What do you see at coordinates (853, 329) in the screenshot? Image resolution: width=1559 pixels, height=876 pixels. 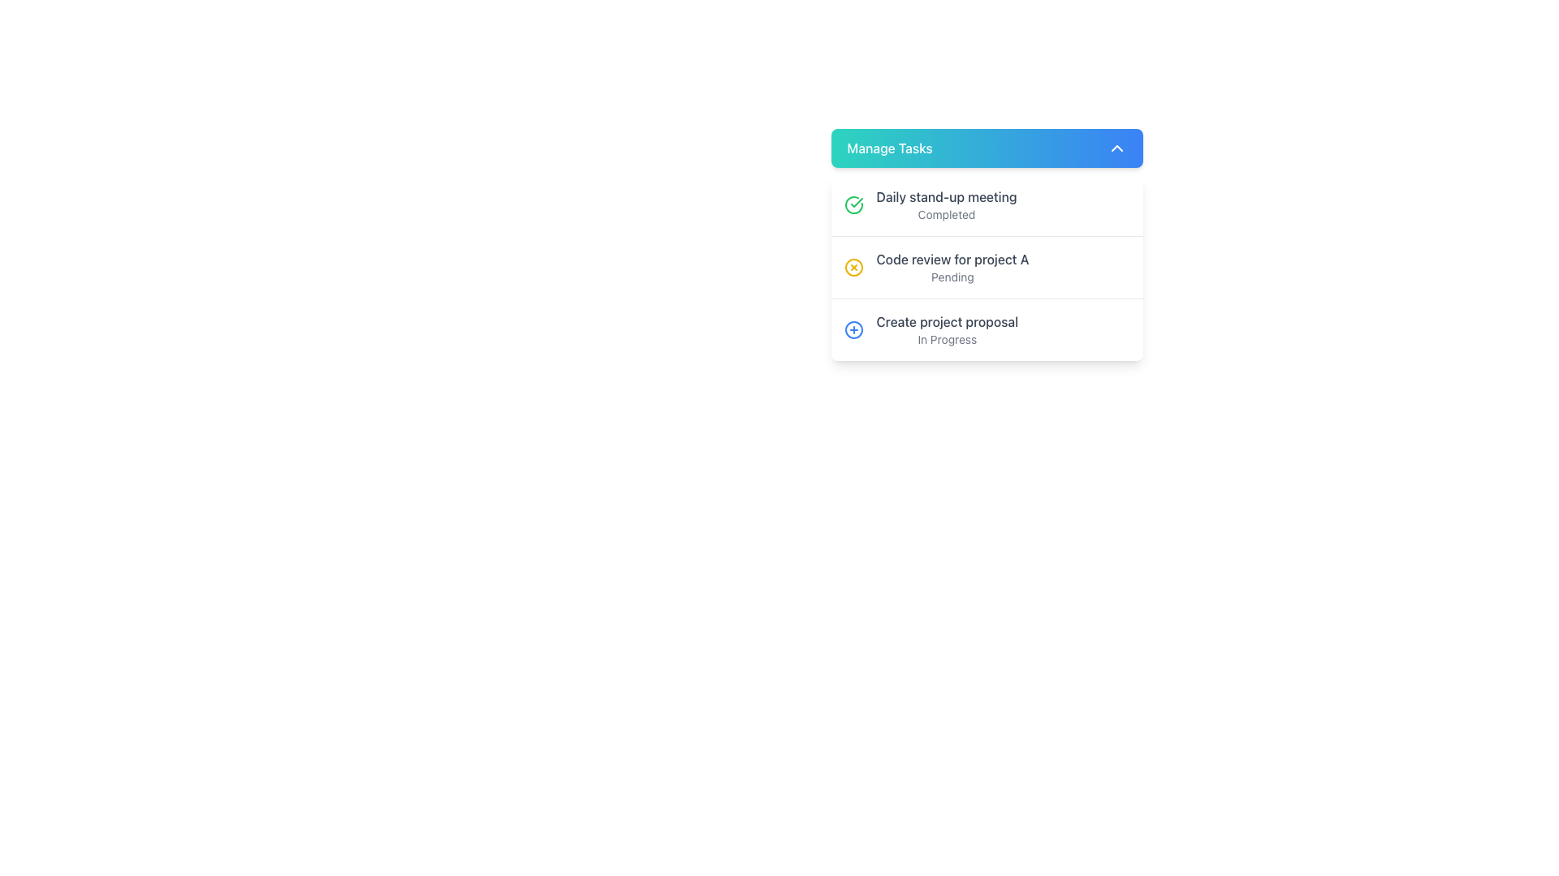 I see `the circular button with a blue border and a white background containing a plus symbol, located in the leftmost region of the 'Create project proposal' row` at bounding box center [853, 329].